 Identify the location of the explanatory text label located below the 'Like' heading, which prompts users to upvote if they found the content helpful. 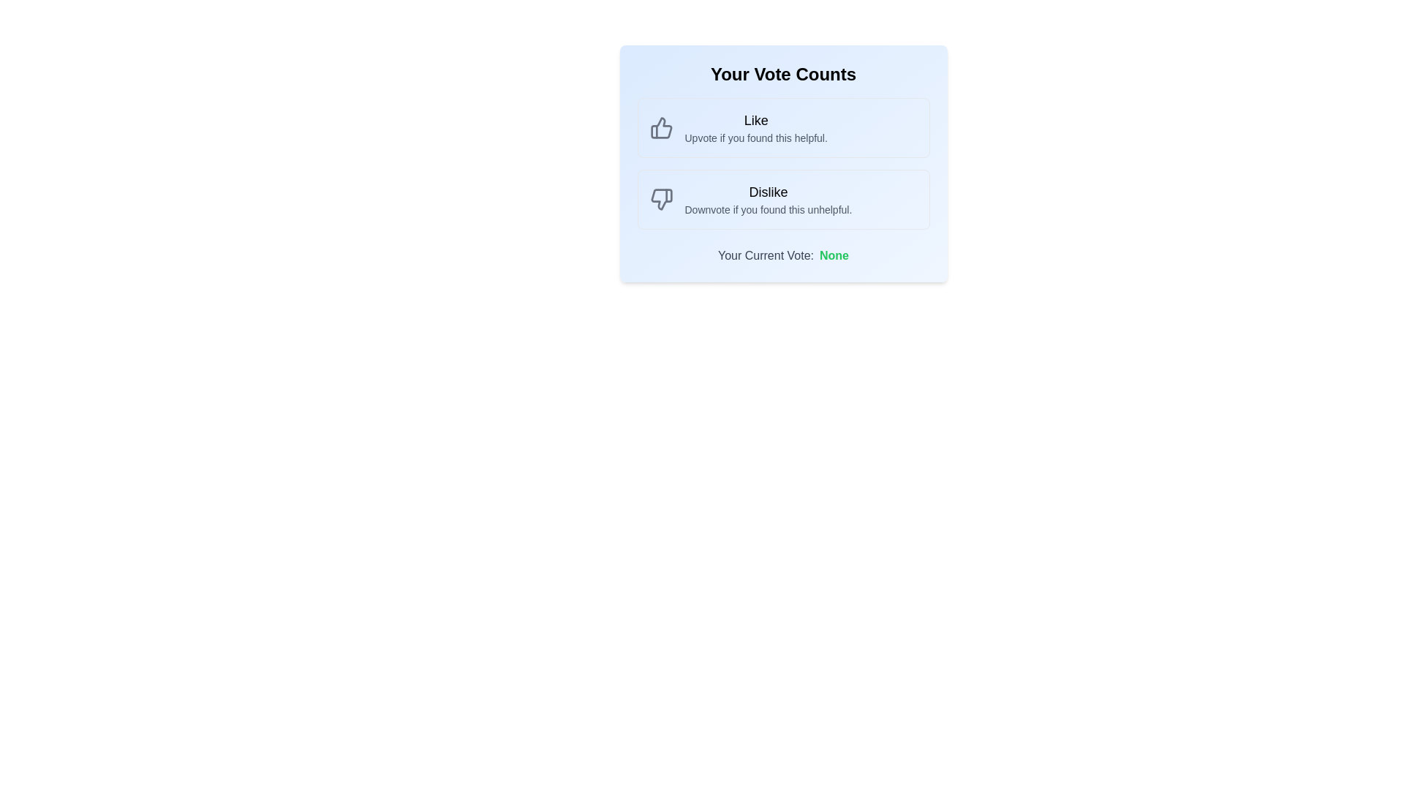
(756, 138).